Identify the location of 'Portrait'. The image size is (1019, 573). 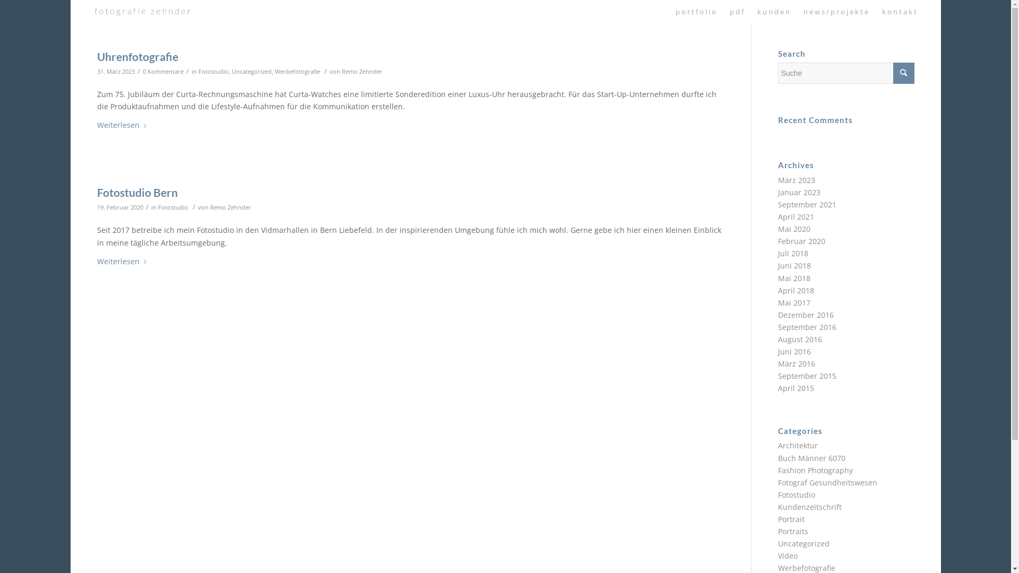
(791, 518).